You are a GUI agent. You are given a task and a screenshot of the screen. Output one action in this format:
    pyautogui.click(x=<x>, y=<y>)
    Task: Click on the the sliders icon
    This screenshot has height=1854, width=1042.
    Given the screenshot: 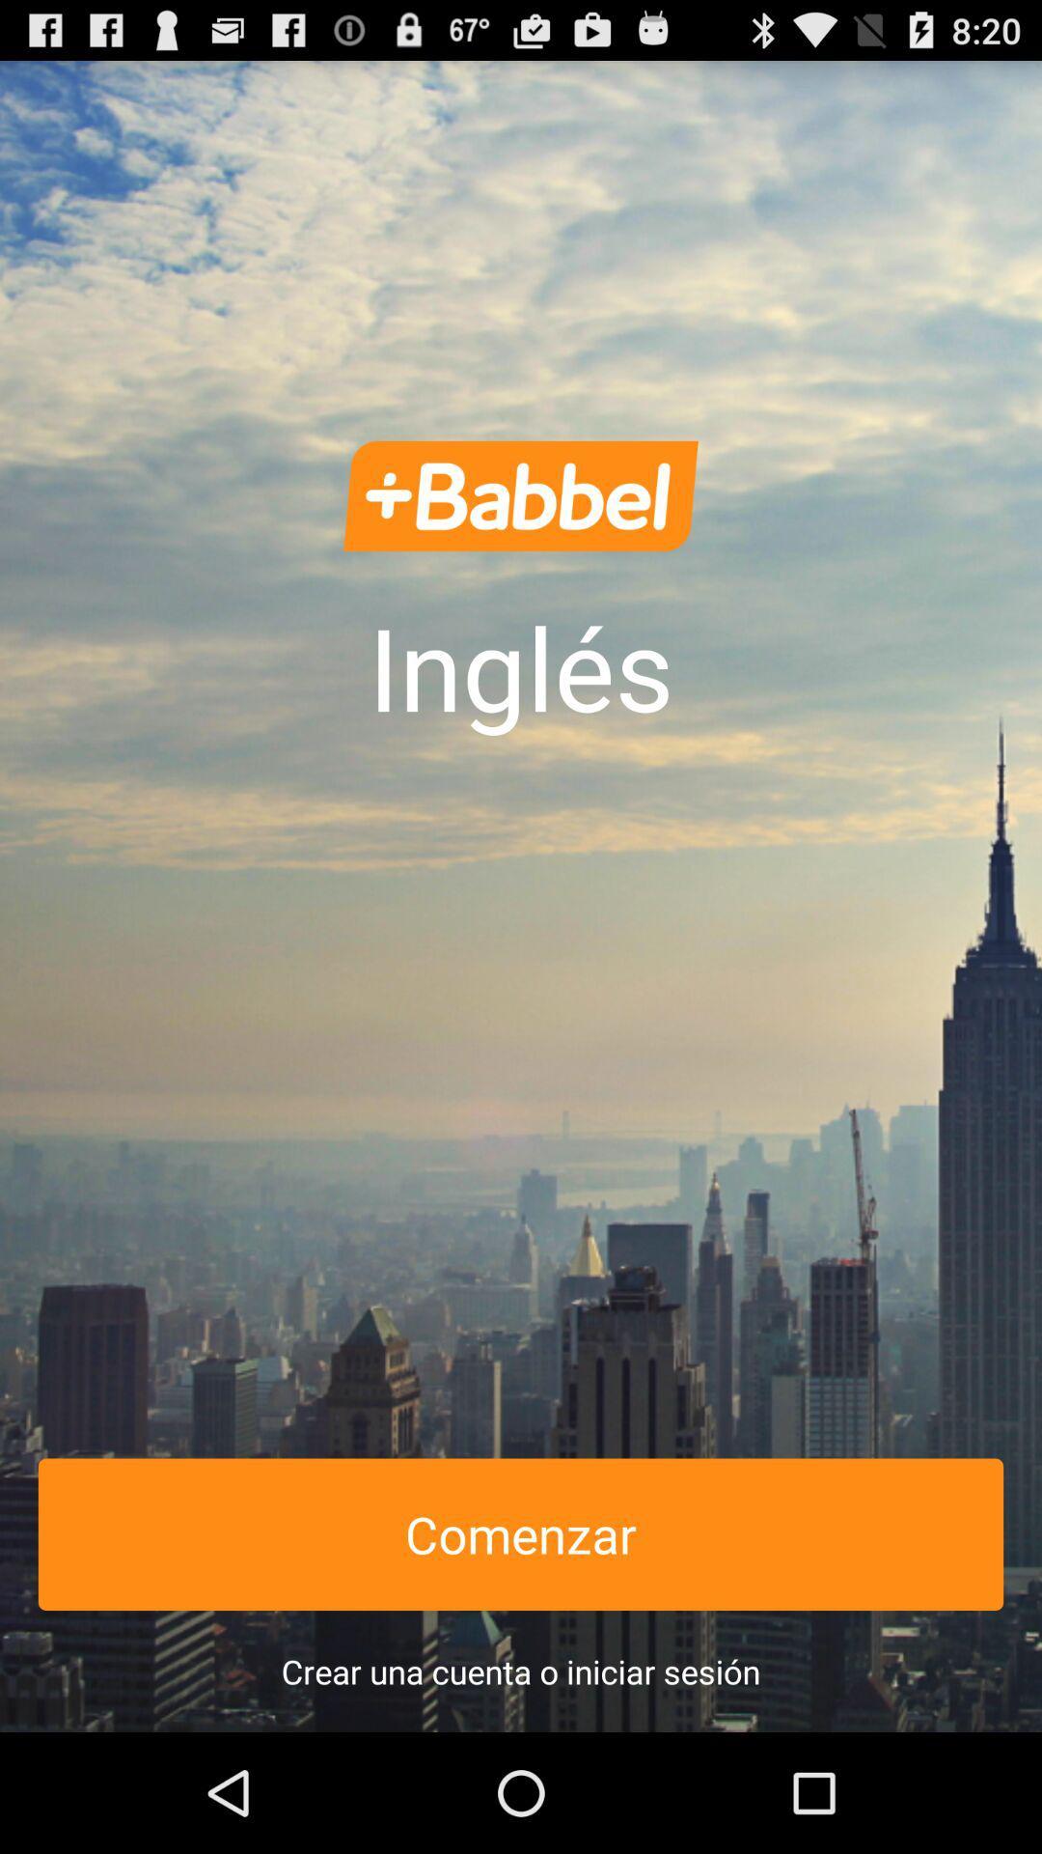 What is the action you would take?
    pyautogui.click(x=521, y=531)
    